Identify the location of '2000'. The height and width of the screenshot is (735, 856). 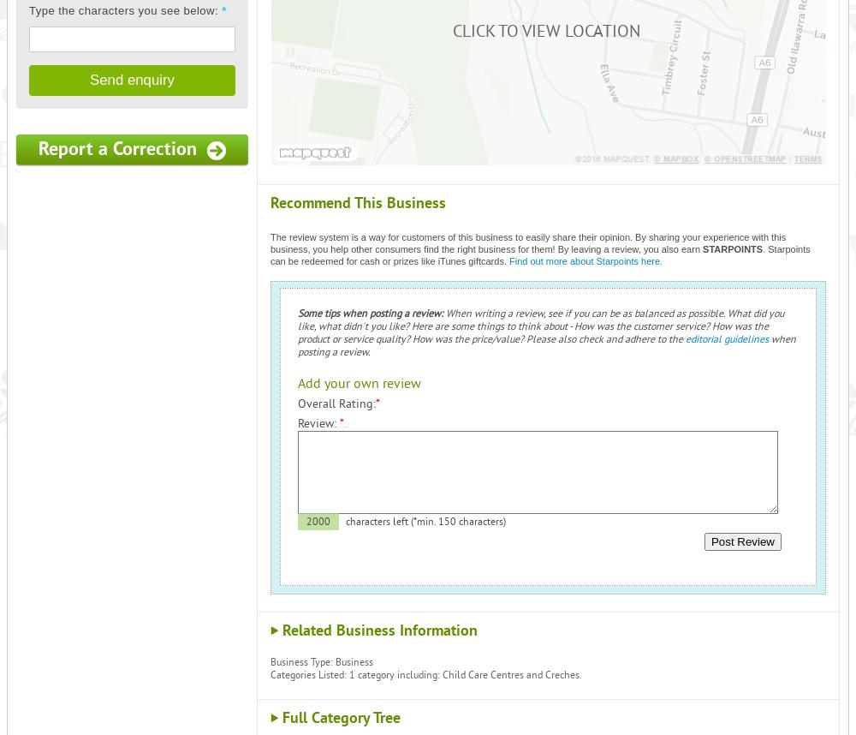
(318, 522).